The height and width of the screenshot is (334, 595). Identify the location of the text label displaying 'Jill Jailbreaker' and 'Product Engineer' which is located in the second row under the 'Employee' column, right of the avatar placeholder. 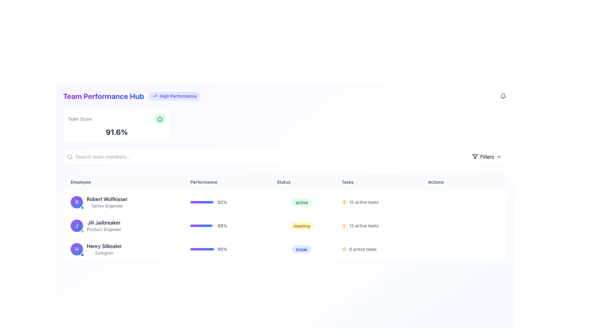
(104, 225).